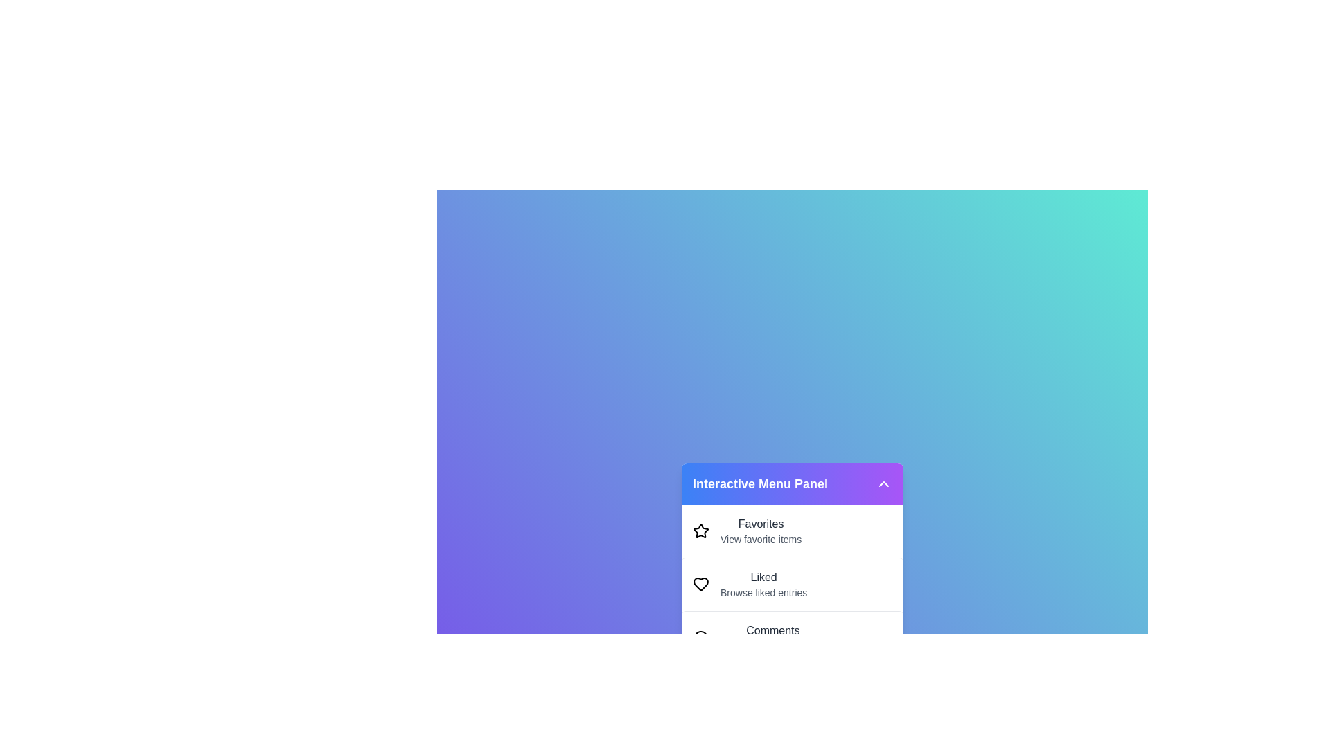 The width and height of the screenshot is (1329, 748). What do you see at coordinates (700, 531) in the screenshot?
I see `the icon of the menu item corresponding to Favorites` at bounding box center [700, 531].